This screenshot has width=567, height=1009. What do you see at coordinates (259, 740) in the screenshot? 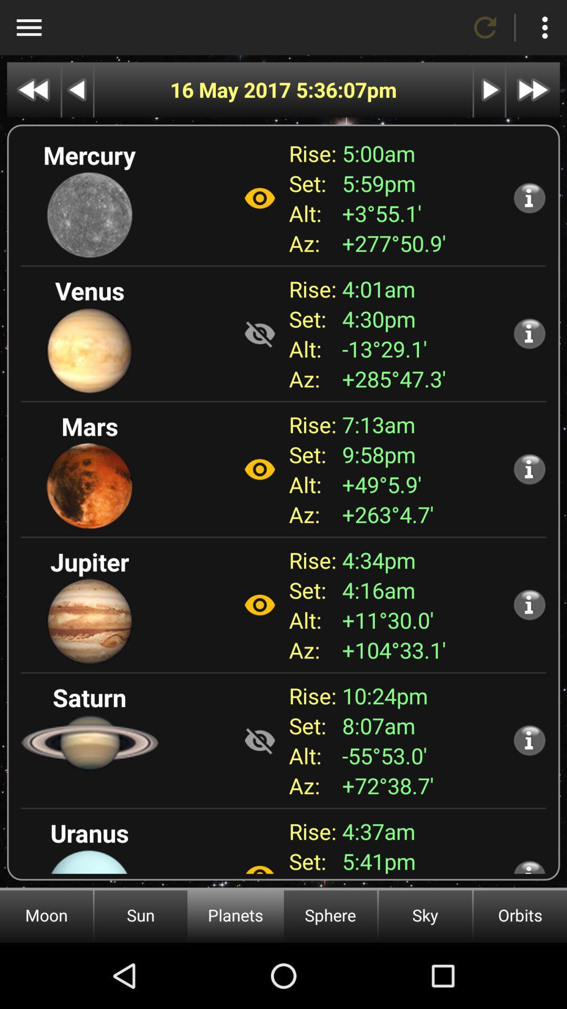
I see `shows visible icon` at bounding box center [259, 740].